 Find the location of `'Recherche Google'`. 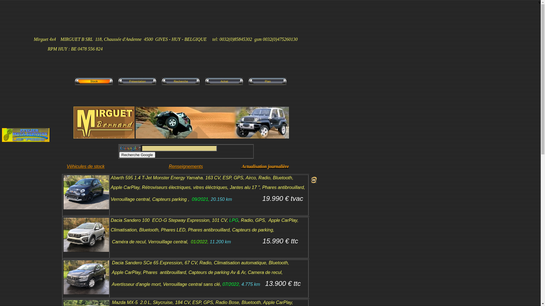

'Recherche Google' is located at coordinates (137, 155).